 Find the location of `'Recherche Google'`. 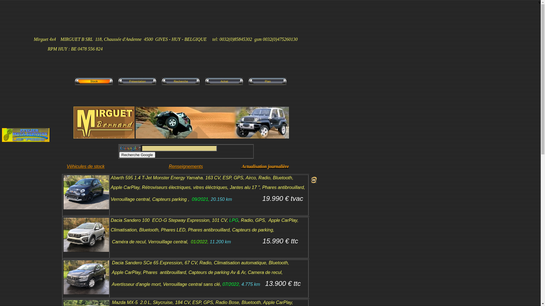

'Recherche Google' is located at coordinates (137, 155).